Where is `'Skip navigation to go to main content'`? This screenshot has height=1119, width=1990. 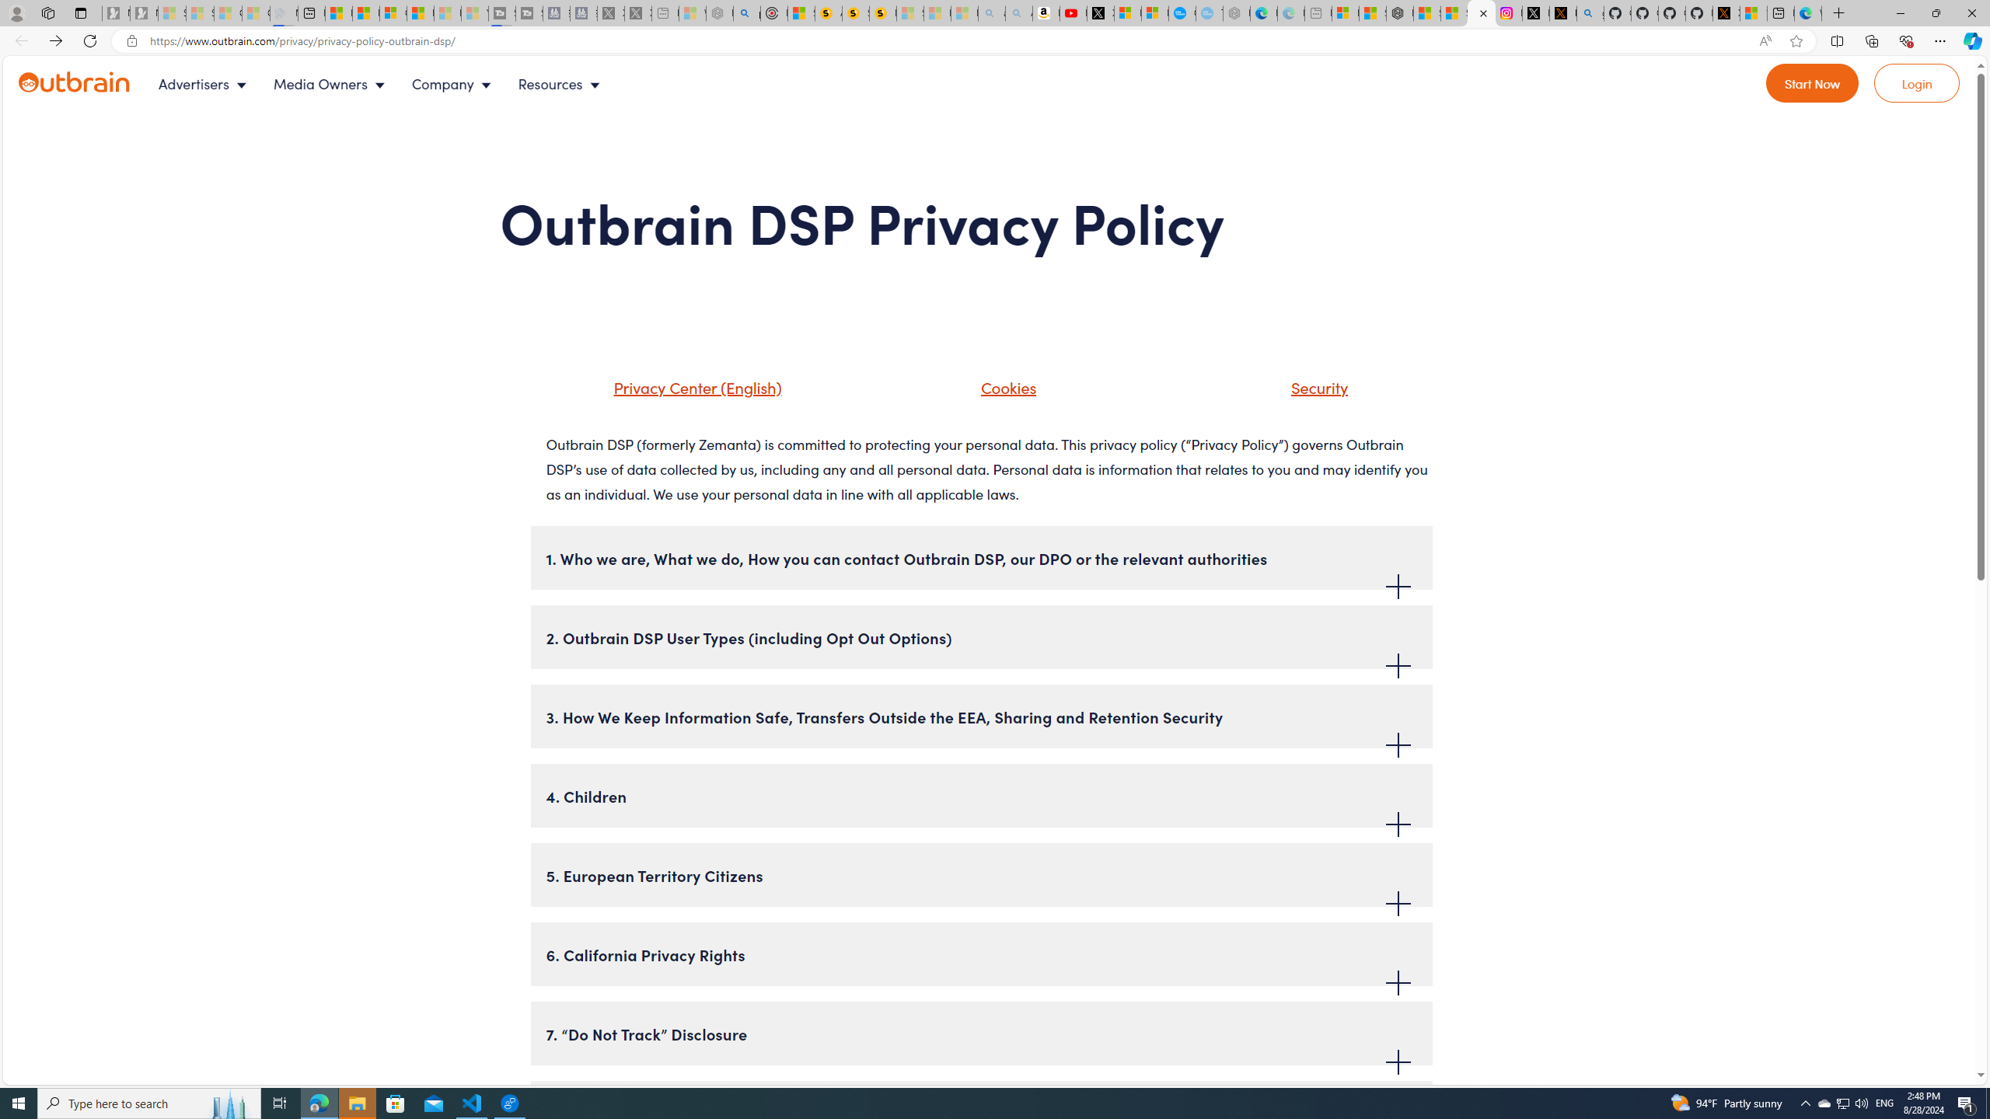 'Skip navigation to go to main content' is located at coordinates (47, 63).